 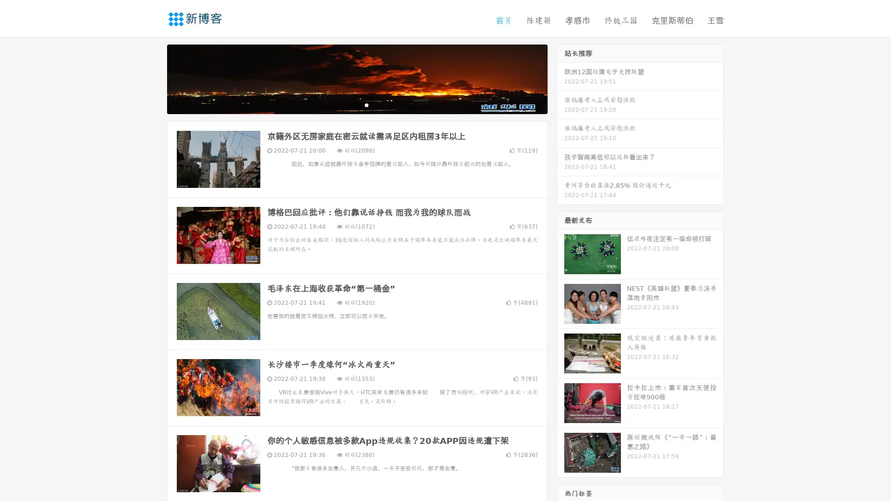 I want to click on Previous slide, so click(x=153, y=78).